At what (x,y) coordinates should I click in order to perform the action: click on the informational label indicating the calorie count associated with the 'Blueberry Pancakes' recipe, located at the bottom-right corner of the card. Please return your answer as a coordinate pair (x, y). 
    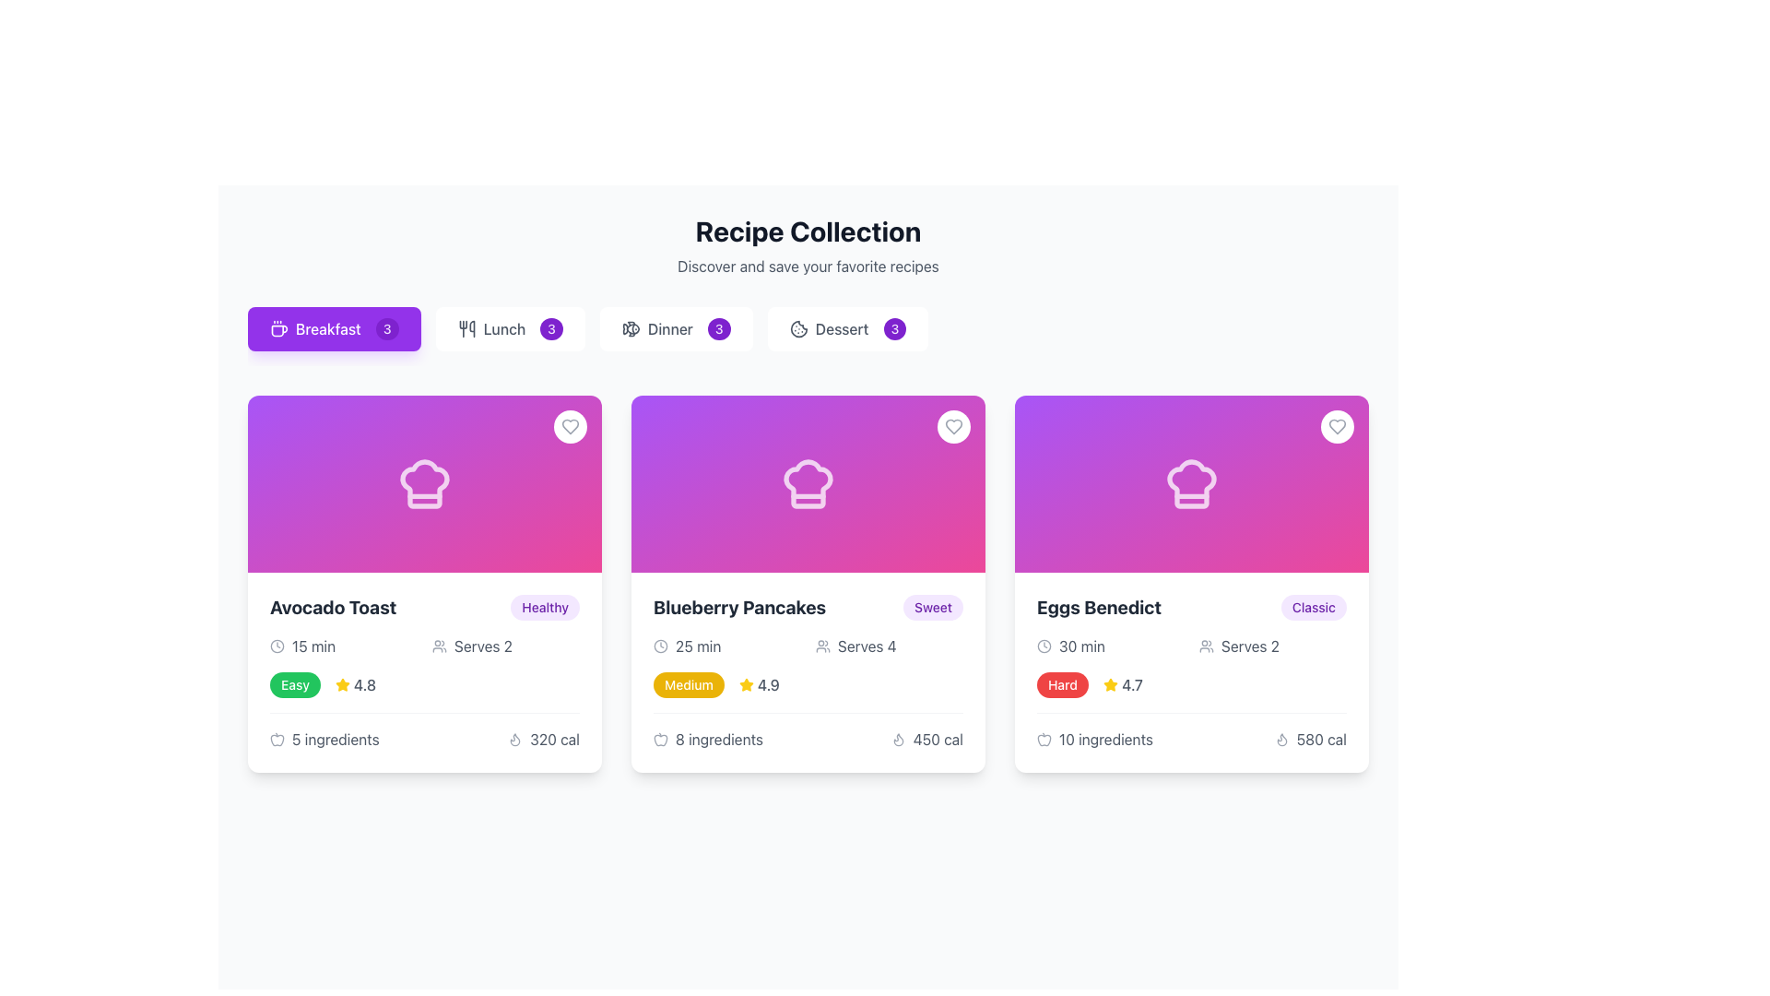
    Looking at the image, I should click on (926, 739).